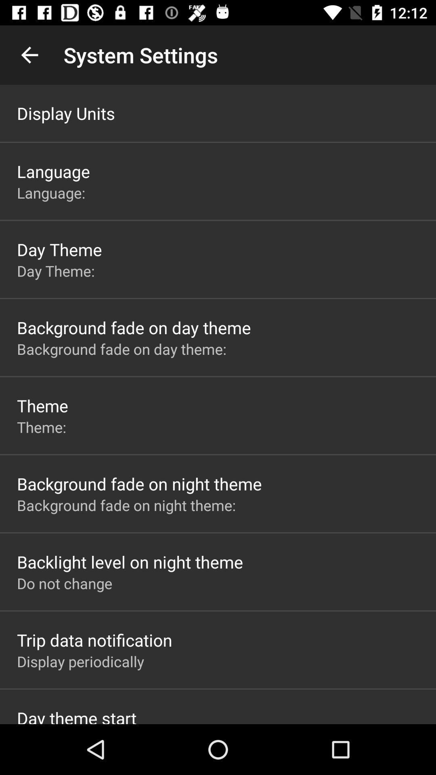 This screenshot has width=436, height=775. What do you see at coordinates (80, 661) in the screenshot?
I see `the app below trip data notification item` at bounding box center [80, 661].